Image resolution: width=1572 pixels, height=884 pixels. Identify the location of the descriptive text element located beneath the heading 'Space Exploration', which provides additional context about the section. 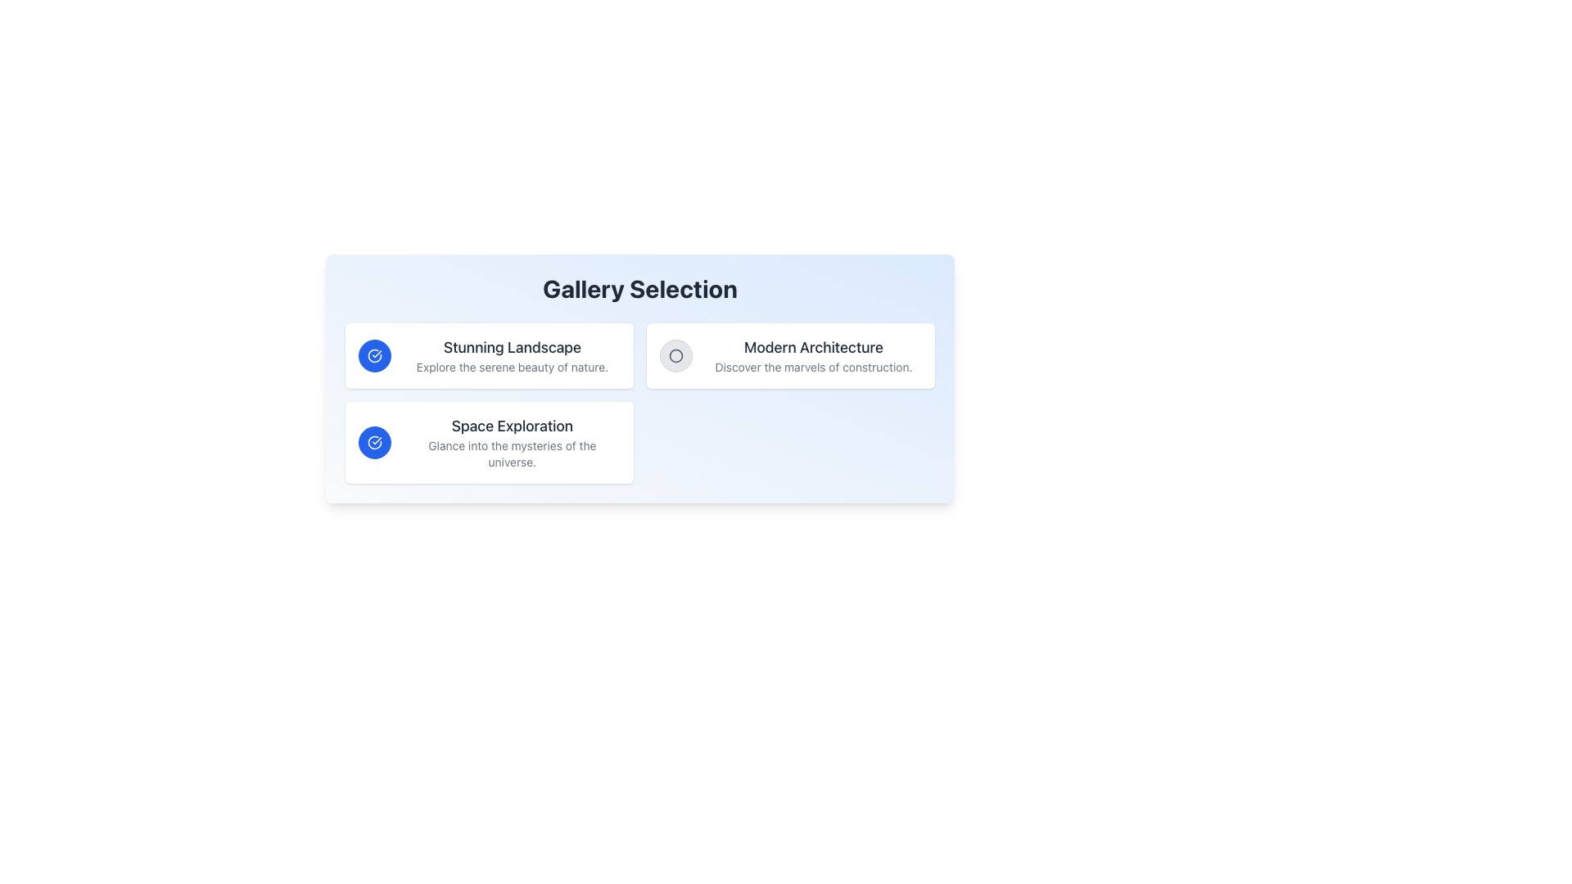
(511, 454).